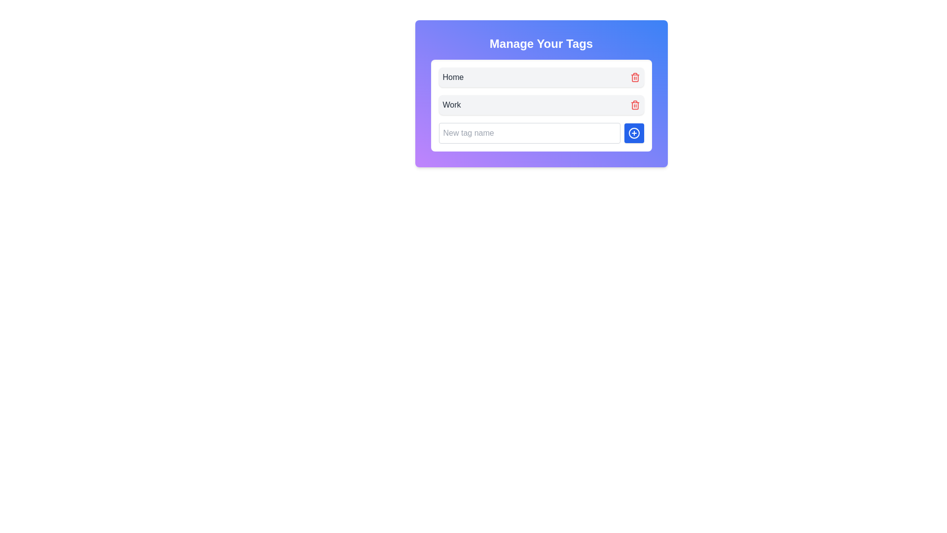 The height and width of the screenshot is (533, 947). I want to click on the section labeled 'Manage Your Tags', so click(541, 43).